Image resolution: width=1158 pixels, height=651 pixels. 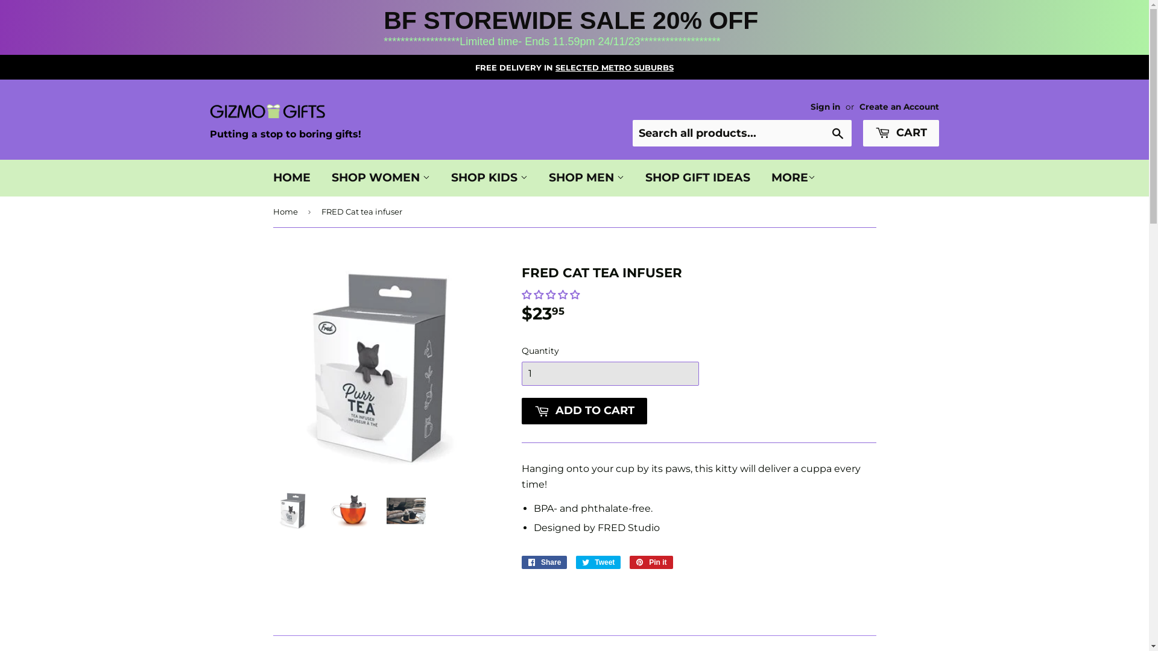 What do you see at coordinates (837, 134) in the screenshot?
I see `'Search'` at bounding box center [837, 134].